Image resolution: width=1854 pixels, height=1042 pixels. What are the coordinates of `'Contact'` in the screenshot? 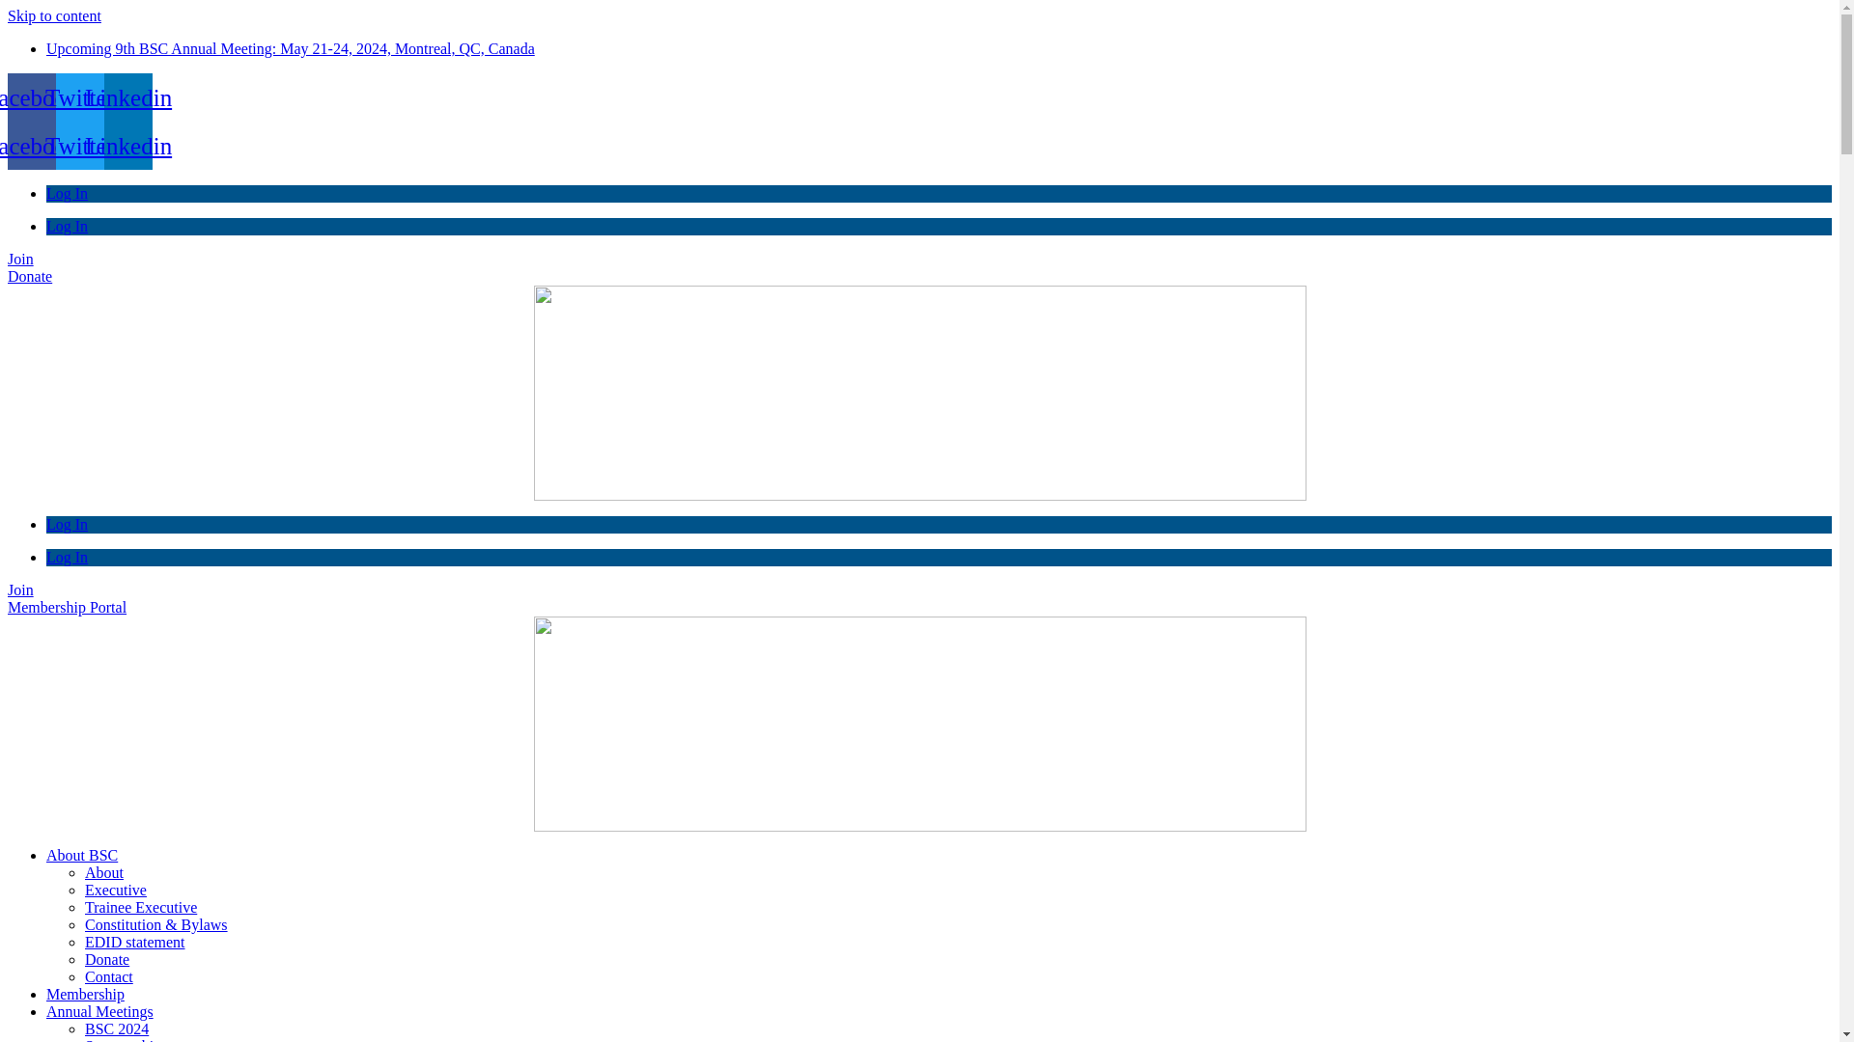 It's located at (108, 976).